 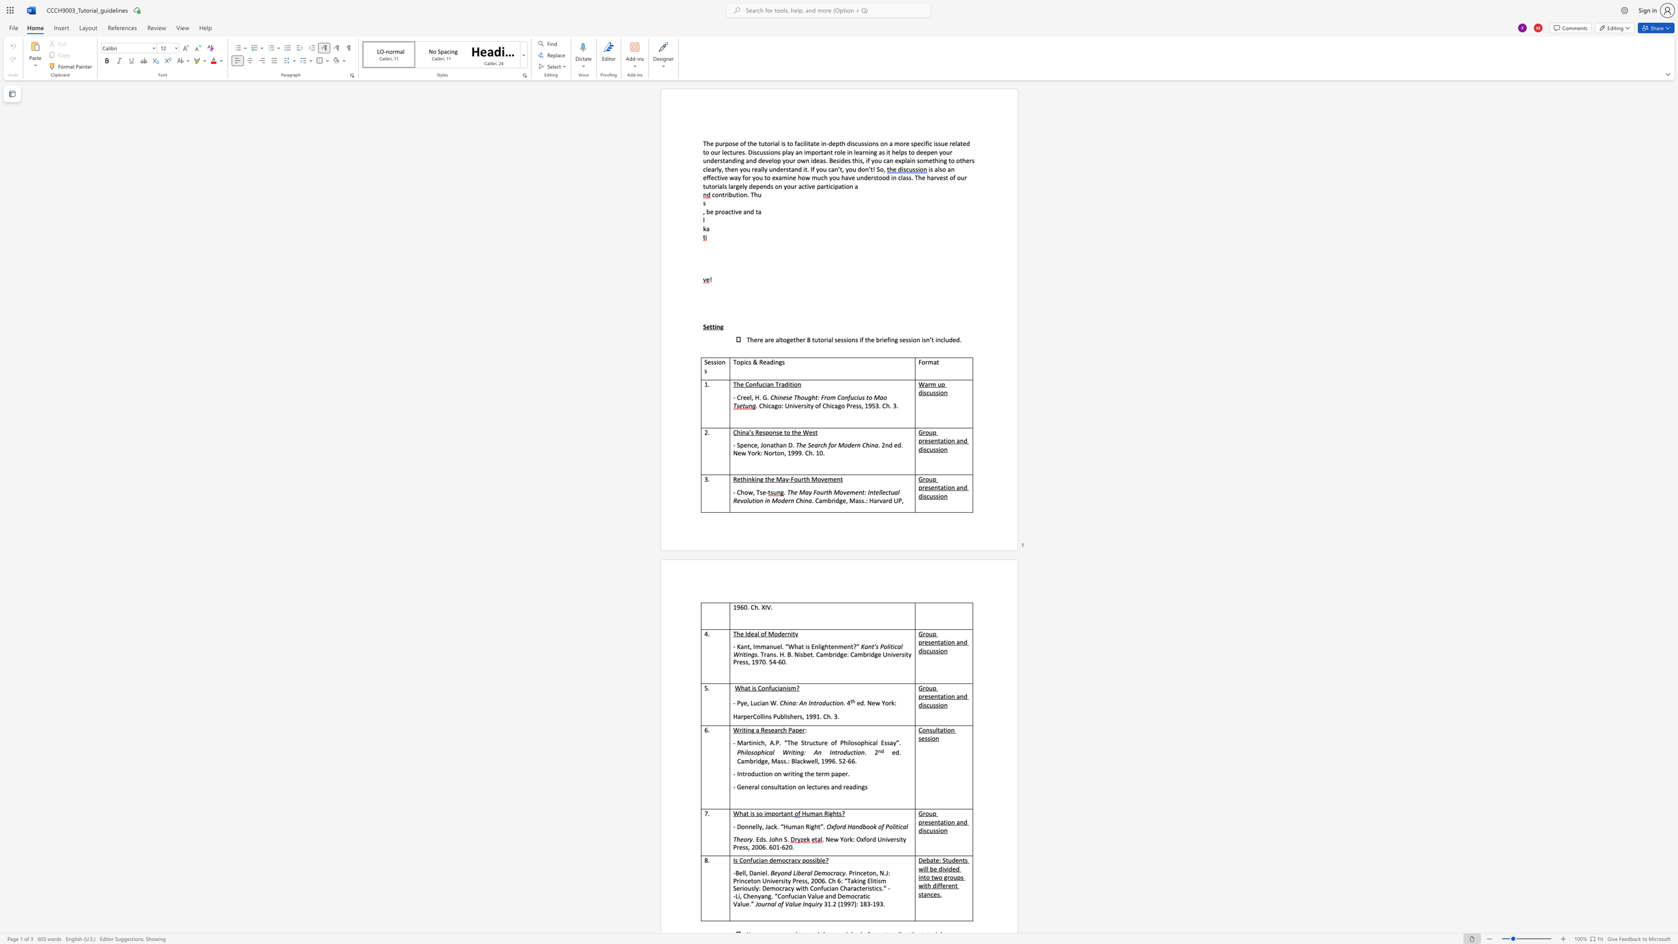 What do you see at coordinates (898, 752) in the screenshot?
I see `the subset text ". Cambridge, Mass.: Blackwell, 1" within the text "ed. Cambridge, Mass.: Blackwell, 1996. 52-66."` at bounding box center [898, 752].